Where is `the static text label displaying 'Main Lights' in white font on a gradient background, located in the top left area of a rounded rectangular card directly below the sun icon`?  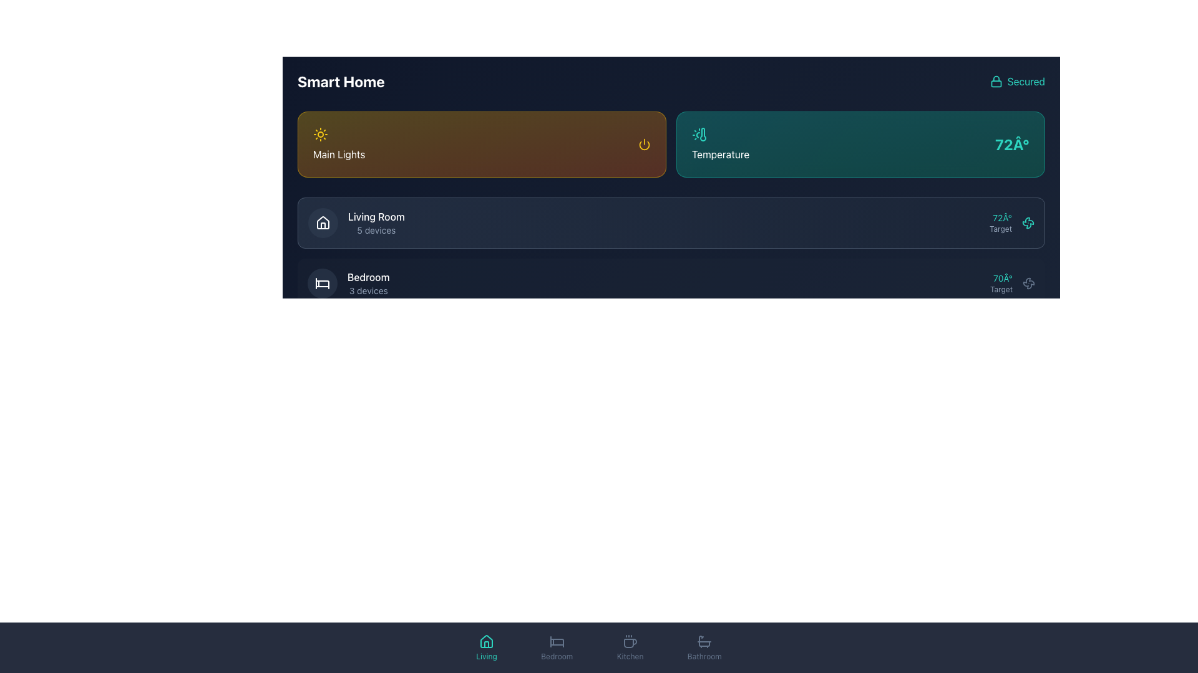
the static text label displaying 'Main Lights' in white font on a gradient background, located in the top left area of a rounded rectangular card directly below the sun icon is located at coordinates (339, 153).